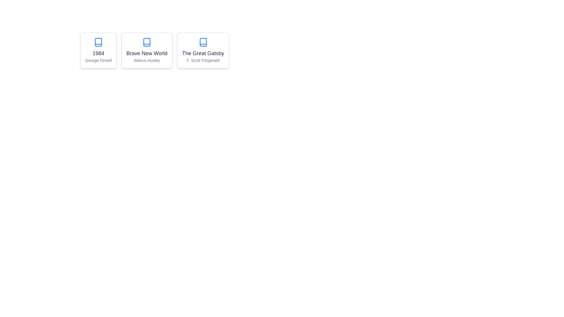 This screenshot has height=317, width=564. What do you see at coordinates (147, 60) in the screenshot?
I see `the text label indicating the author of the book 'Brave New World', which is located below the title within the second card of a three-card layout` at bounding box center [147, 60].